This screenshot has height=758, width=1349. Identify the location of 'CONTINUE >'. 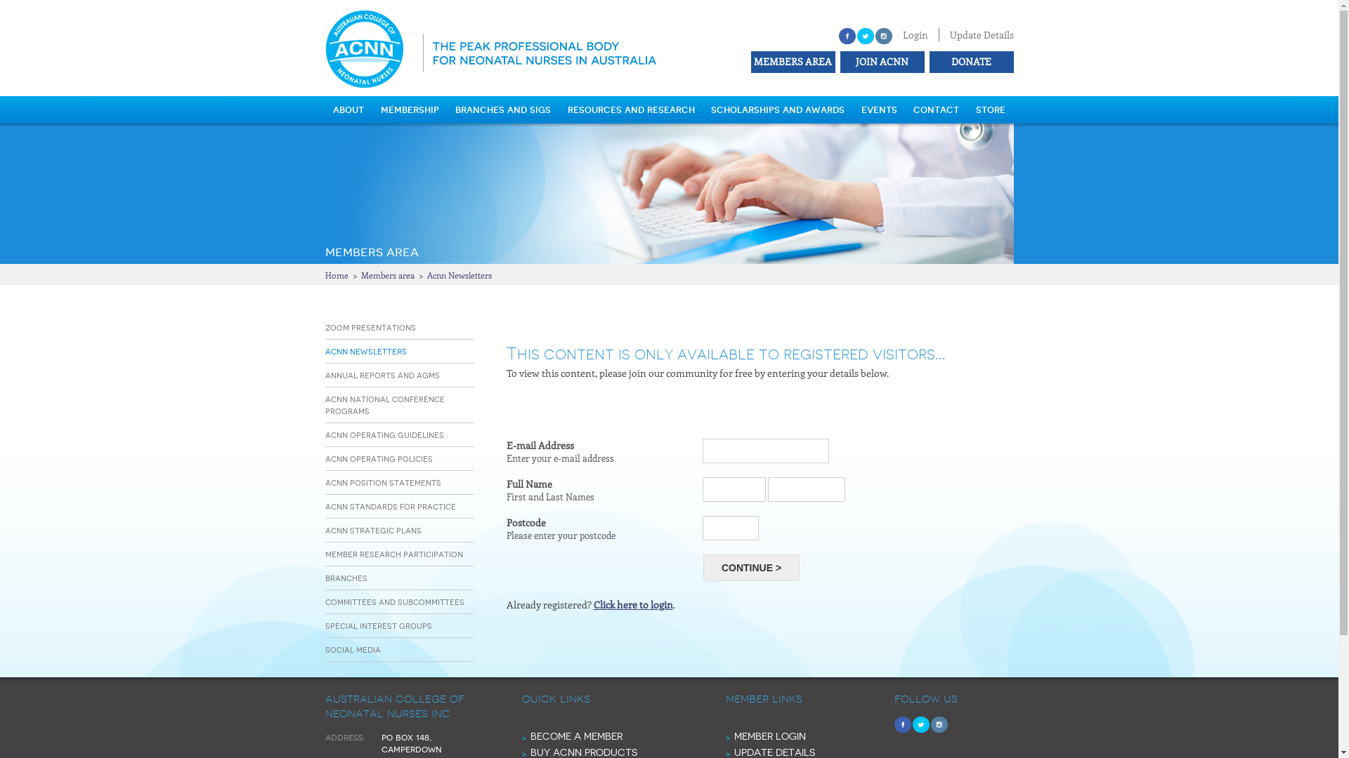
(750, 567).